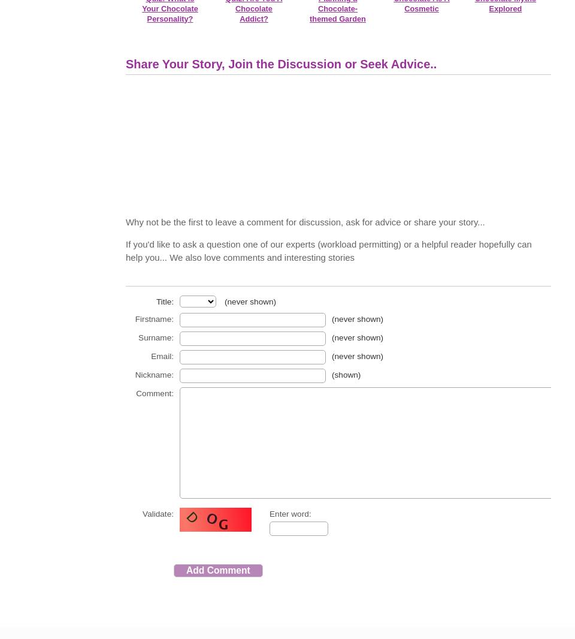 The height and width of the screenshot is (639, 575). I want to click on 'Comment:', so click(154, 393).